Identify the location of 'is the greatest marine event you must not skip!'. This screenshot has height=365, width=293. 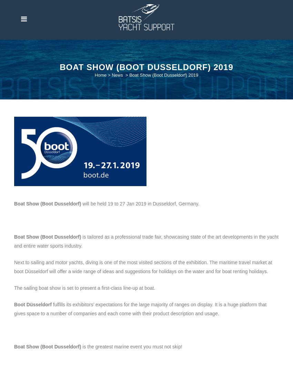
(131, 346).